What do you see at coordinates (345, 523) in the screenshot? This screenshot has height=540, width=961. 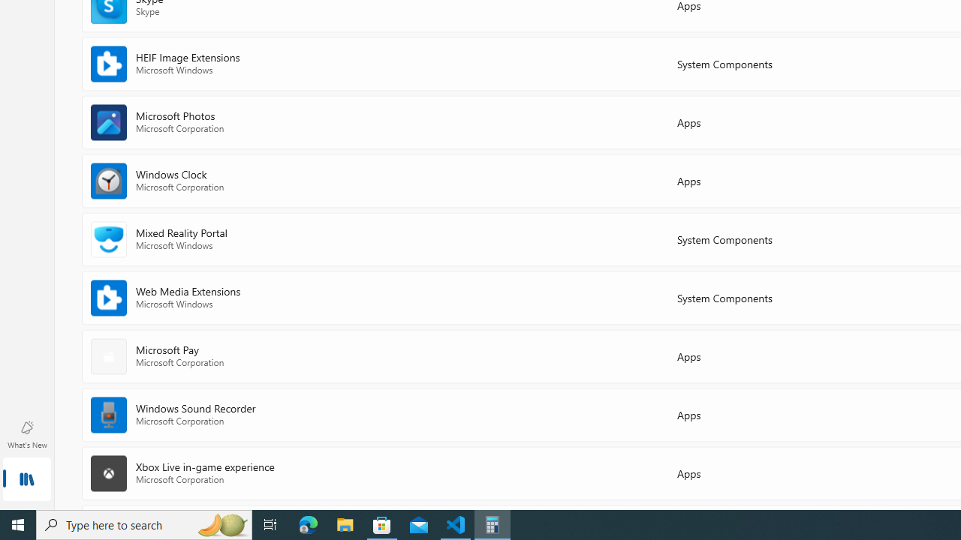 I see `'File Explorer'` at bounding box center [345, 523].